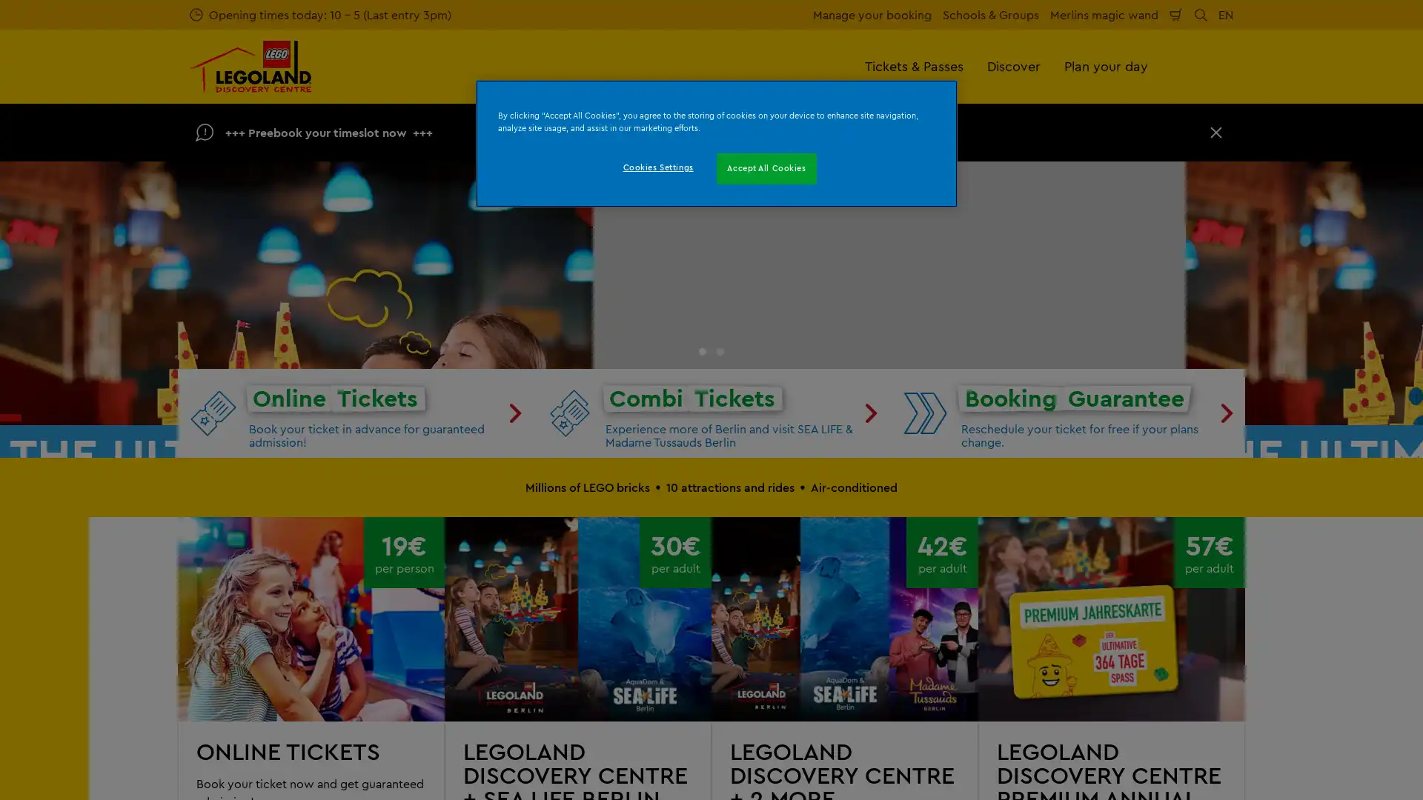  I want to click on Shopping Cart, so click(1175, 14).